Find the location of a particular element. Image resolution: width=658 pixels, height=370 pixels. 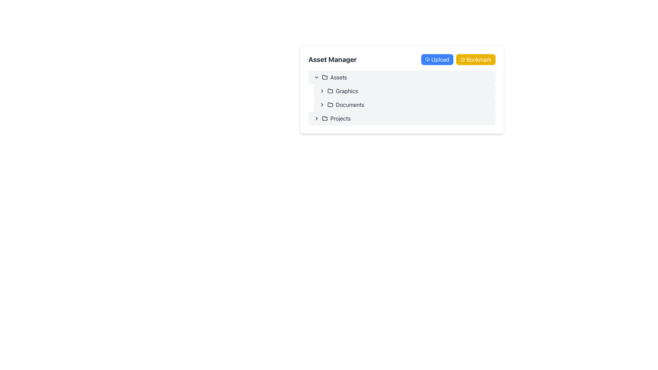

the list item "GraphicsLogo.pngMockup.sketchDocumentsBrief.pdf" in the file browser dropdown is located at coordinates (402, 91).